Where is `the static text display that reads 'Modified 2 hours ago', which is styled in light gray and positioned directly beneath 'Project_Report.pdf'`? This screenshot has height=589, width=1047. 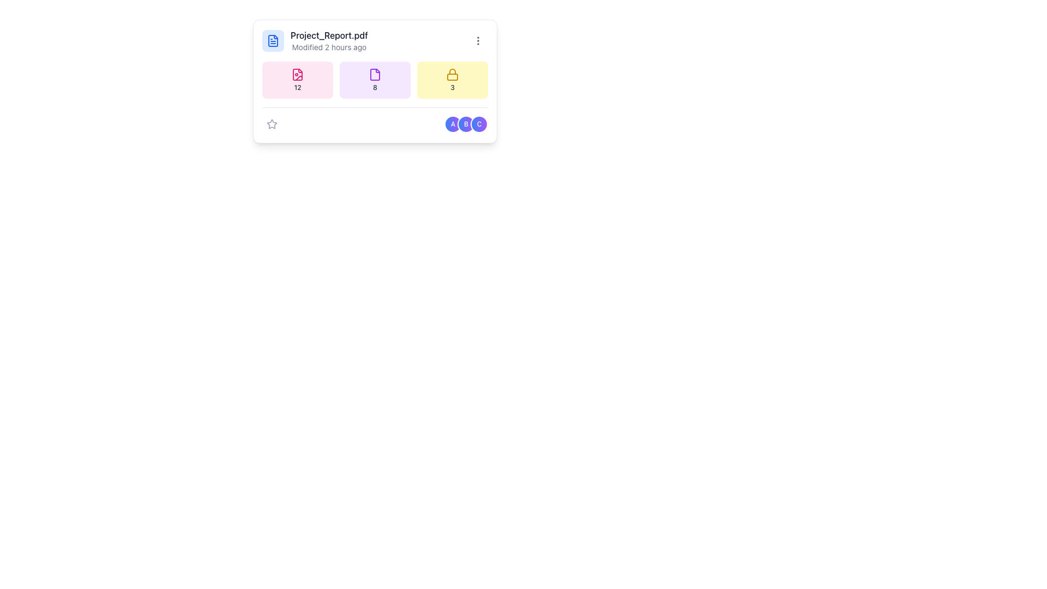
the static text display that reads 'Modified 2 hours ago', which is styled in light gray and positioned directly beneath 'Project_Report.pdf' is located at coordinates (328, 47).